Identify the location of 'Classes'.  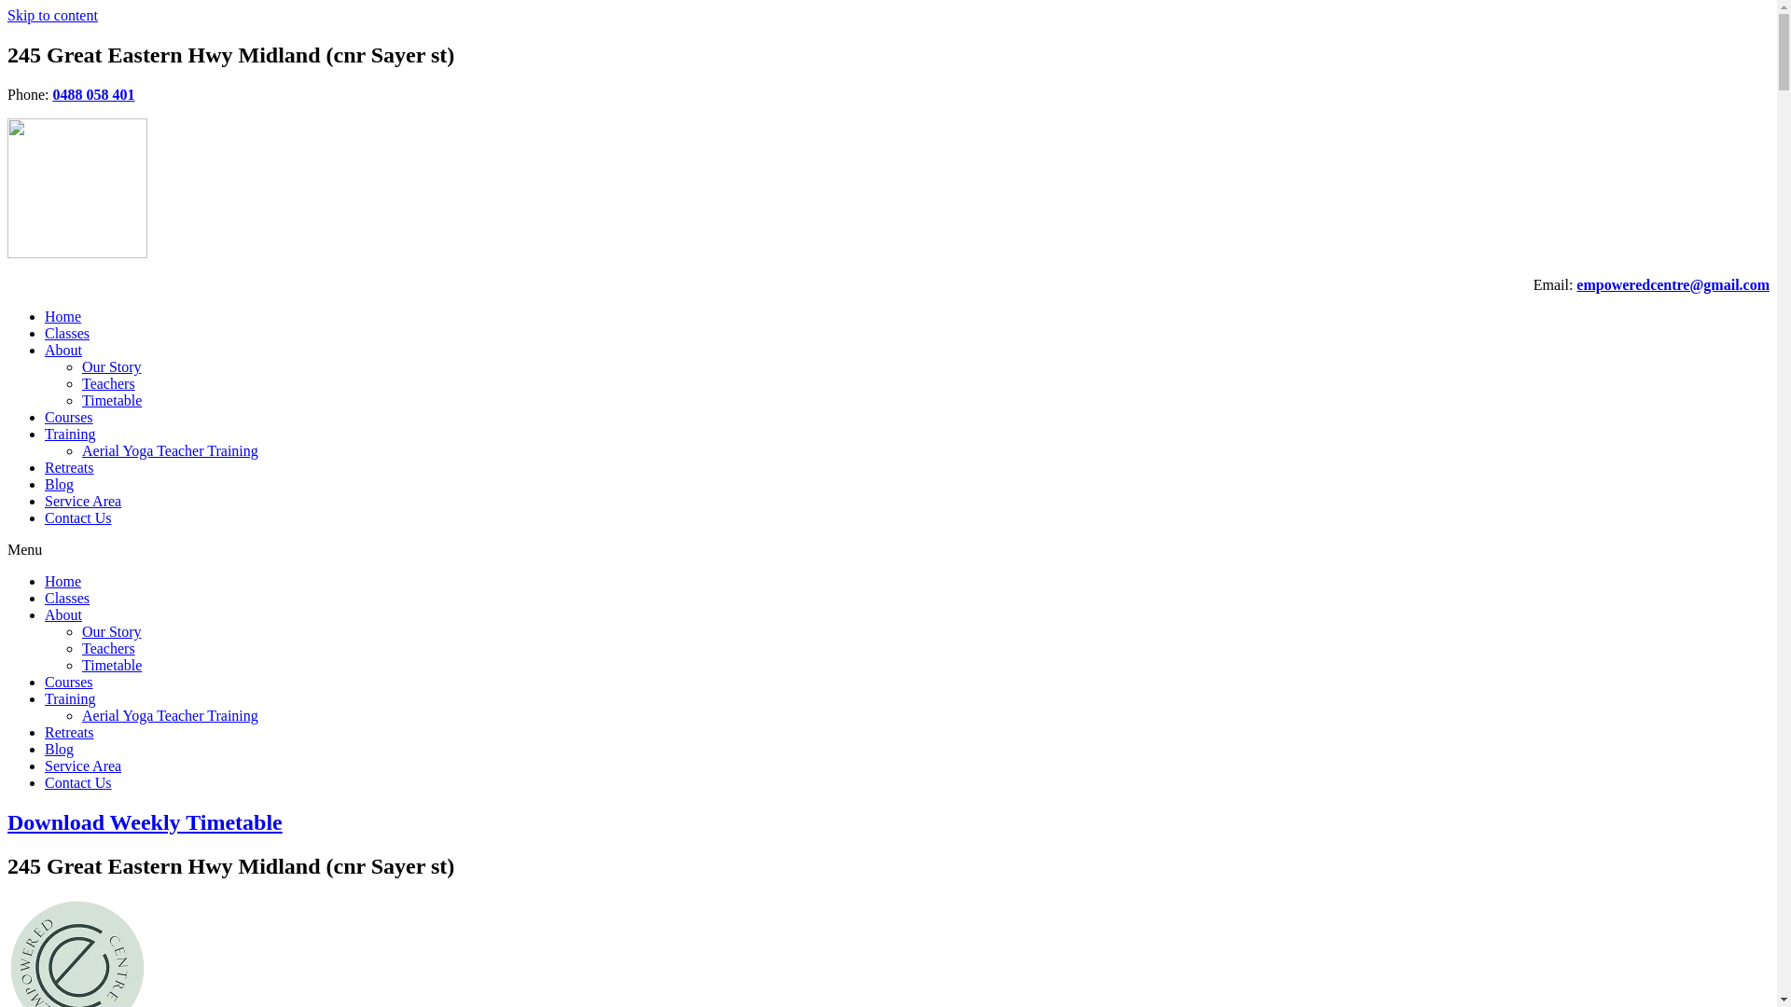
(67, 598).